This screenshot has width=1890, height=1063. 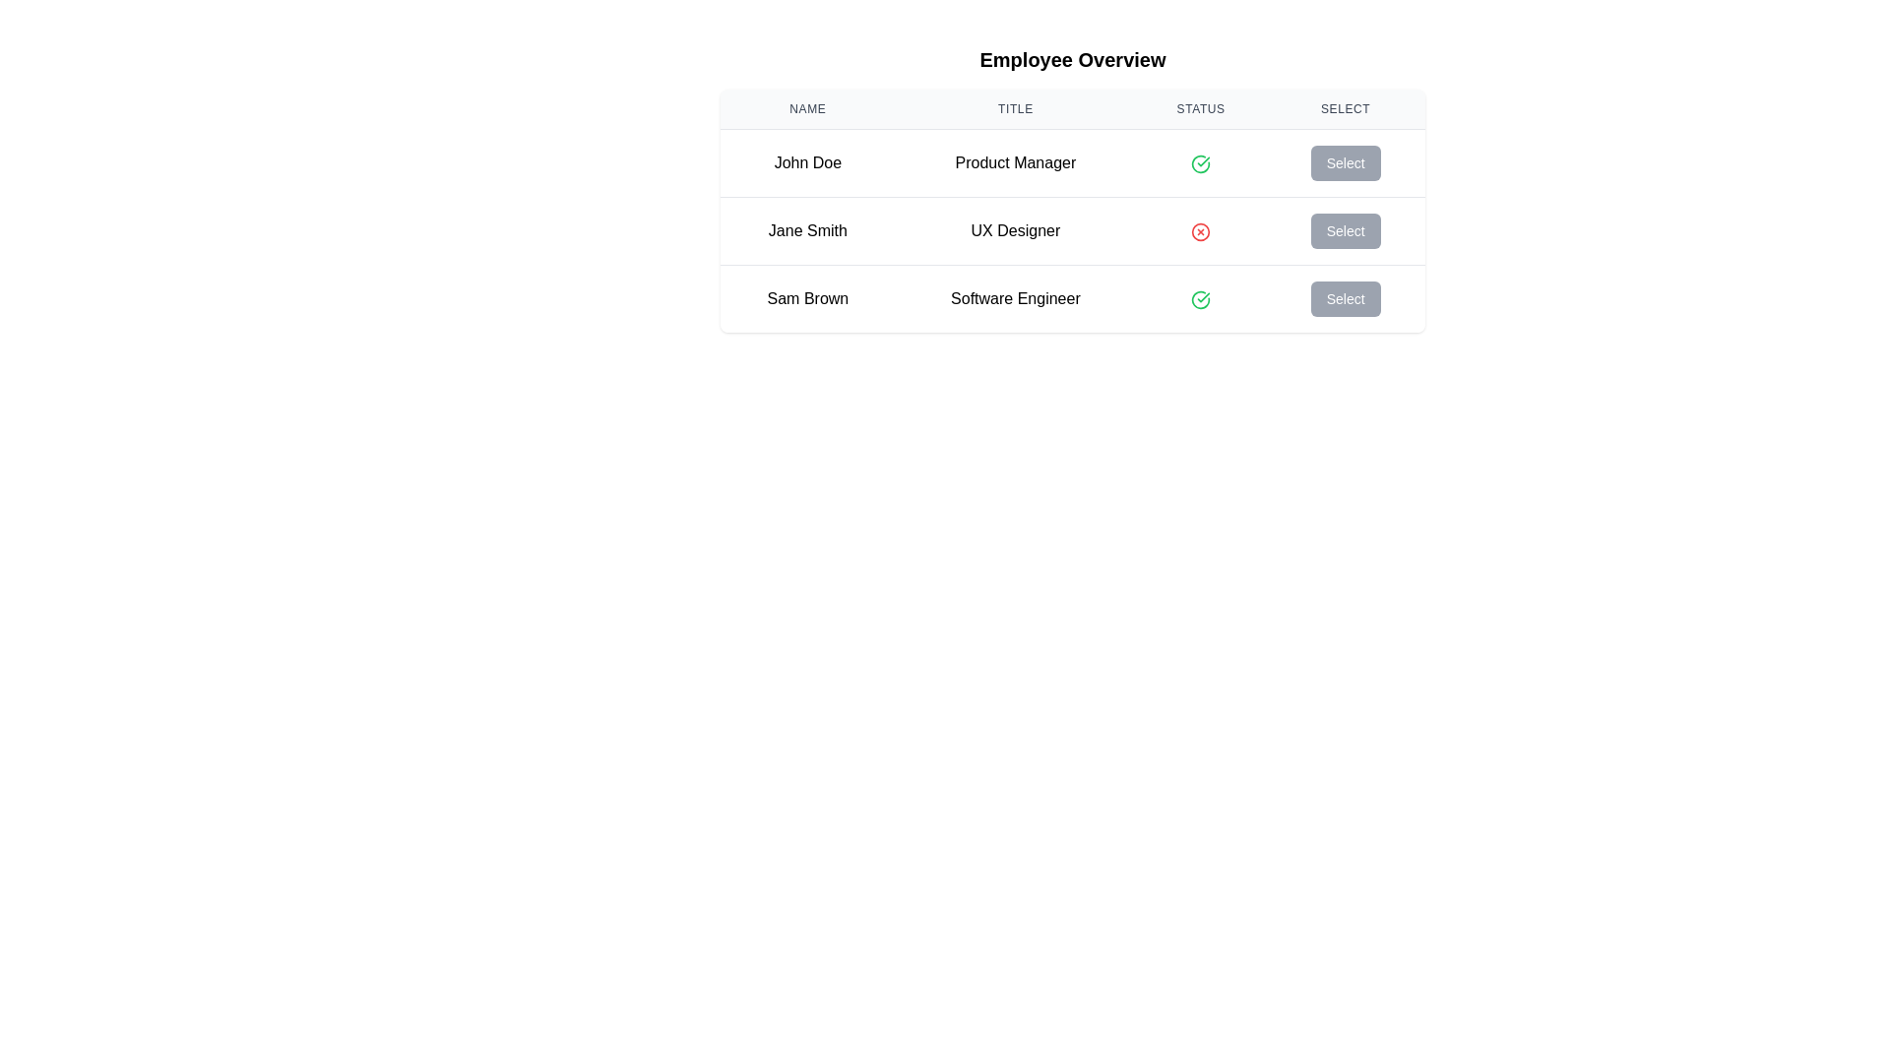 What do you see at coordinates (1345, 161) in the screenshot?
I see `the selection button in the last column of the first row of the 'Employee Overview' table for 'John Doe', a 'Product Manager'` at bounding box center [1345, 161].